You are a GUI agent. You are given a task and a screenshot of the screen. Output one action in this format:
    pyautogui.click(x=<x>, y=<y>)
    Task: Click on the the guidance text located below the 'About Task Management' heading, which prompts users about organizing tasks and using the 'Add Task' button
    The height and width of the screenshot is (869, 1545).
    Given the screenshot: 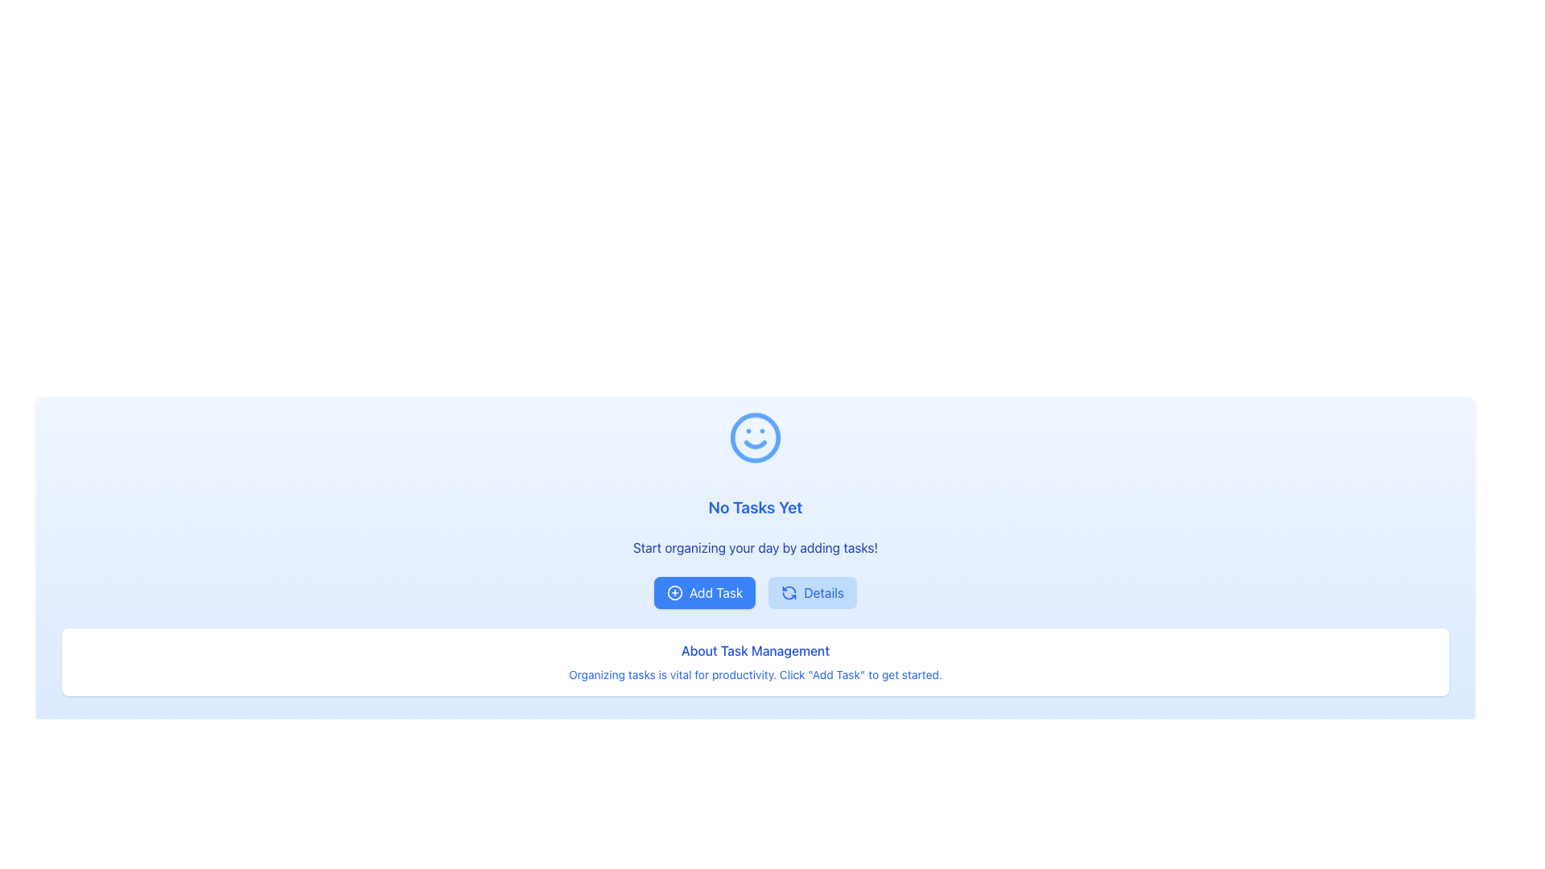 What is the action you would take?
    pyautogui.click(x=755, y=675)
    